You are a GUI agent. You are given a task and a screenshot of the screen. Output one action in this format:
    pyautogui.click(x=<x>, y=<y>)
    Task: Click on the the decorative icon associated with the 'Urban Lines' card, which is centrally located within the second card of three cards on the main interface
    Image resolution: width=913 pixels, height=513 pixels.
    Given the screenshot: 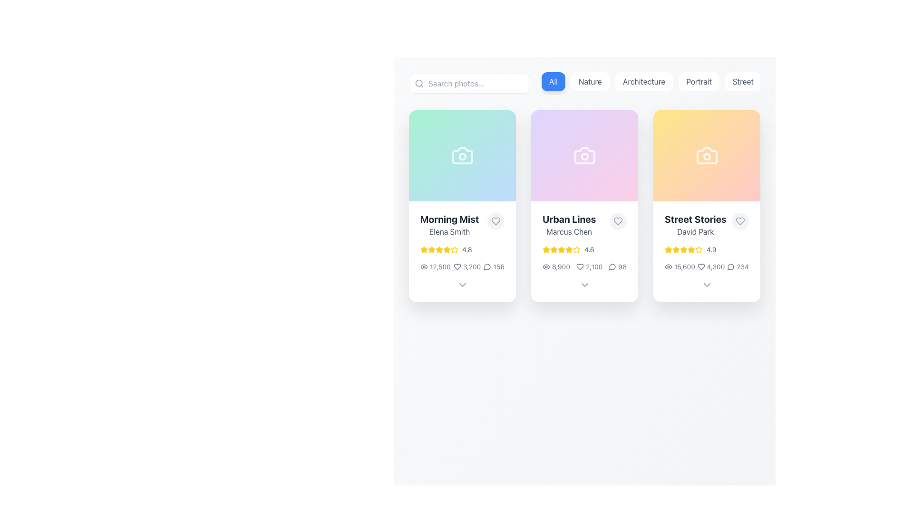 What is the action you would take?
    pyautogui.click(x=584, y=155)
    